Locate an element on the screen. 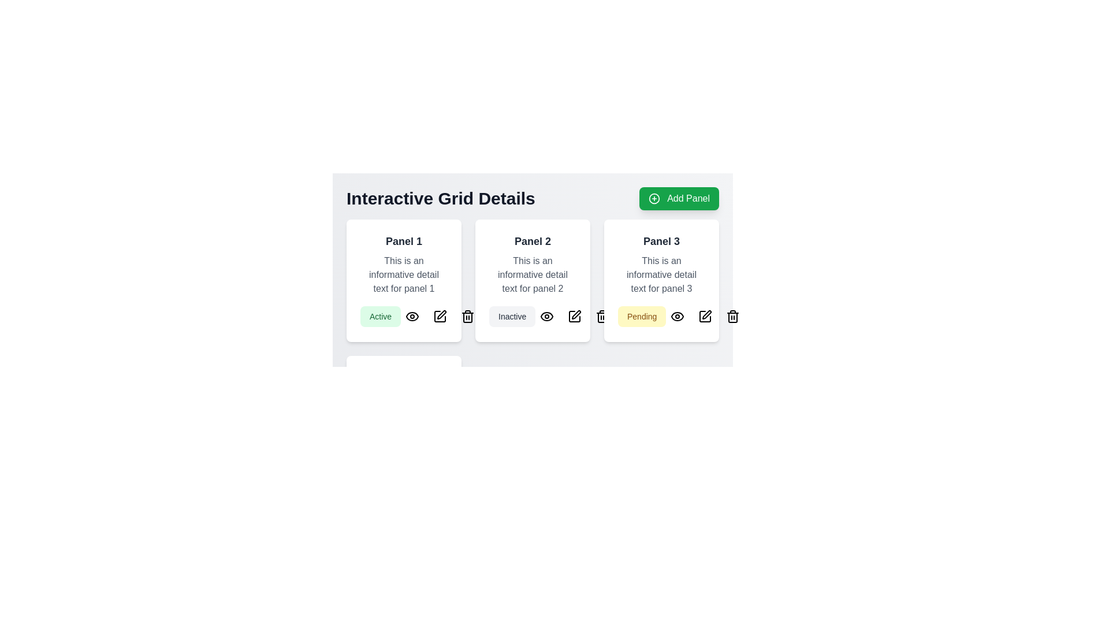  the pencil icon in 'Panel 1' is located at coordinates (440, 316).